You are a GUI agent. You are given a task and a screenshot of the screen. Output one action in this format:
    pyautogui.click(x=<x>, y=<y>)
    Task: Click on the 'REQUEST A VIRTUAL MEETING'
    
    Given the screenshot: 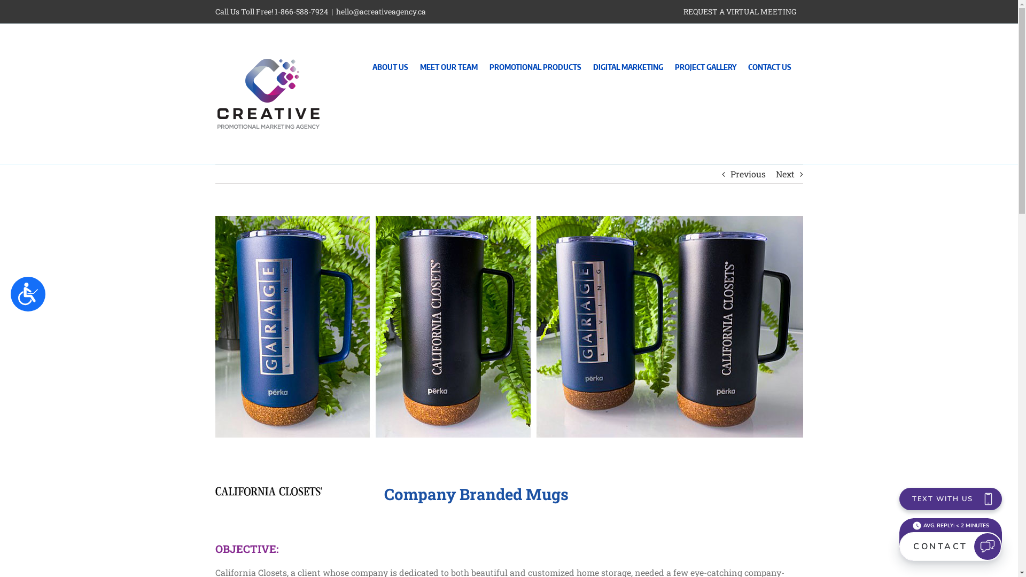 What is the action you would take?
    pyautogui.click(x=739, y=12)
    